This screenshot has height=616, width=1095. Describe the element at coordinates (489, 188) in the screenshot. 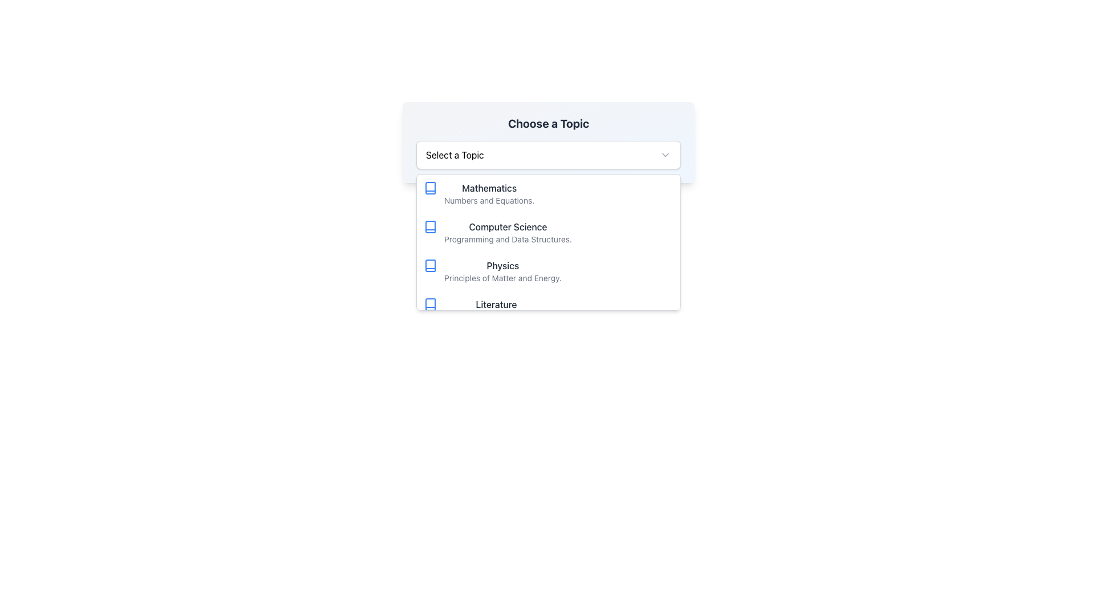

I see `the 'Mathematics' text label located at the top of the dropdown menu that identifies the topic` at that location.